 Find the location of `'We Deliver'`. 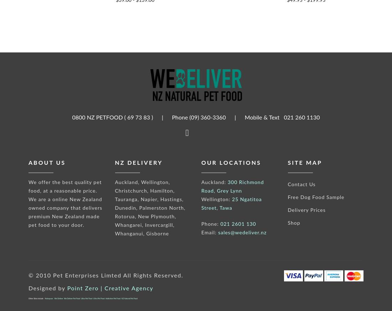

'We Deliver' is located at coordinates (58, 299).